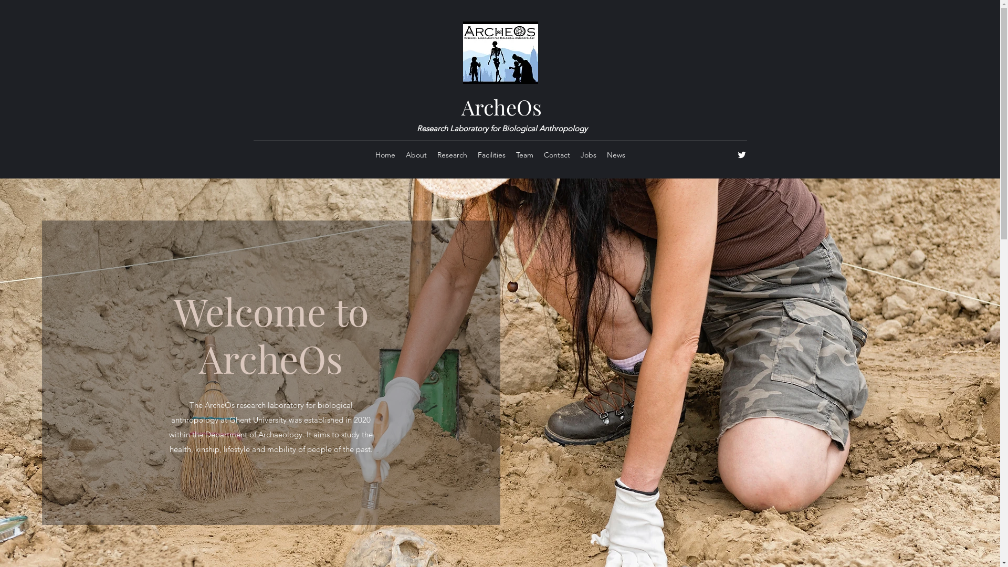  I want to click on 'News', so click(616, 154).